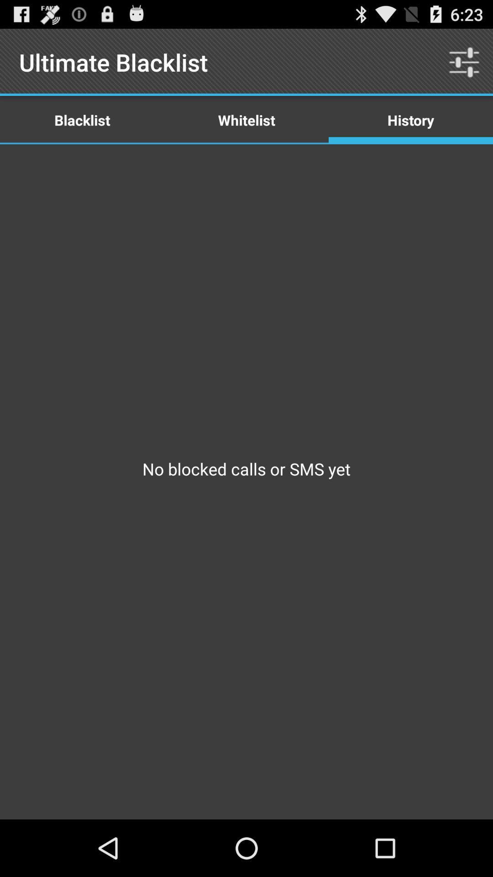 The height and width of the screenshot is (877, 493). What do you see at coordinates (246, 119) in the screenshot?
I see `the icon next to the history item` at bounding box center [246, 119].